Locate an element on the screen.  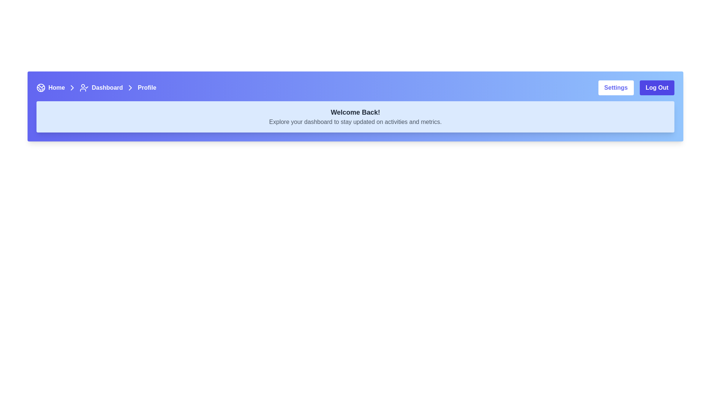
the circular globe icon in the breadcrumb navigation, which indicates a world or home theme, as a visual cue is located at coordinates (41, 87).